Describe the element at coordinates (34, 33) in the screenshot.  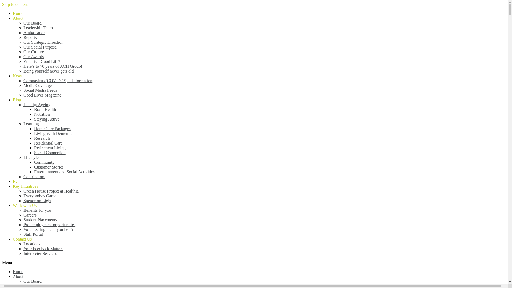
I see `'Ambassador'` at that location.